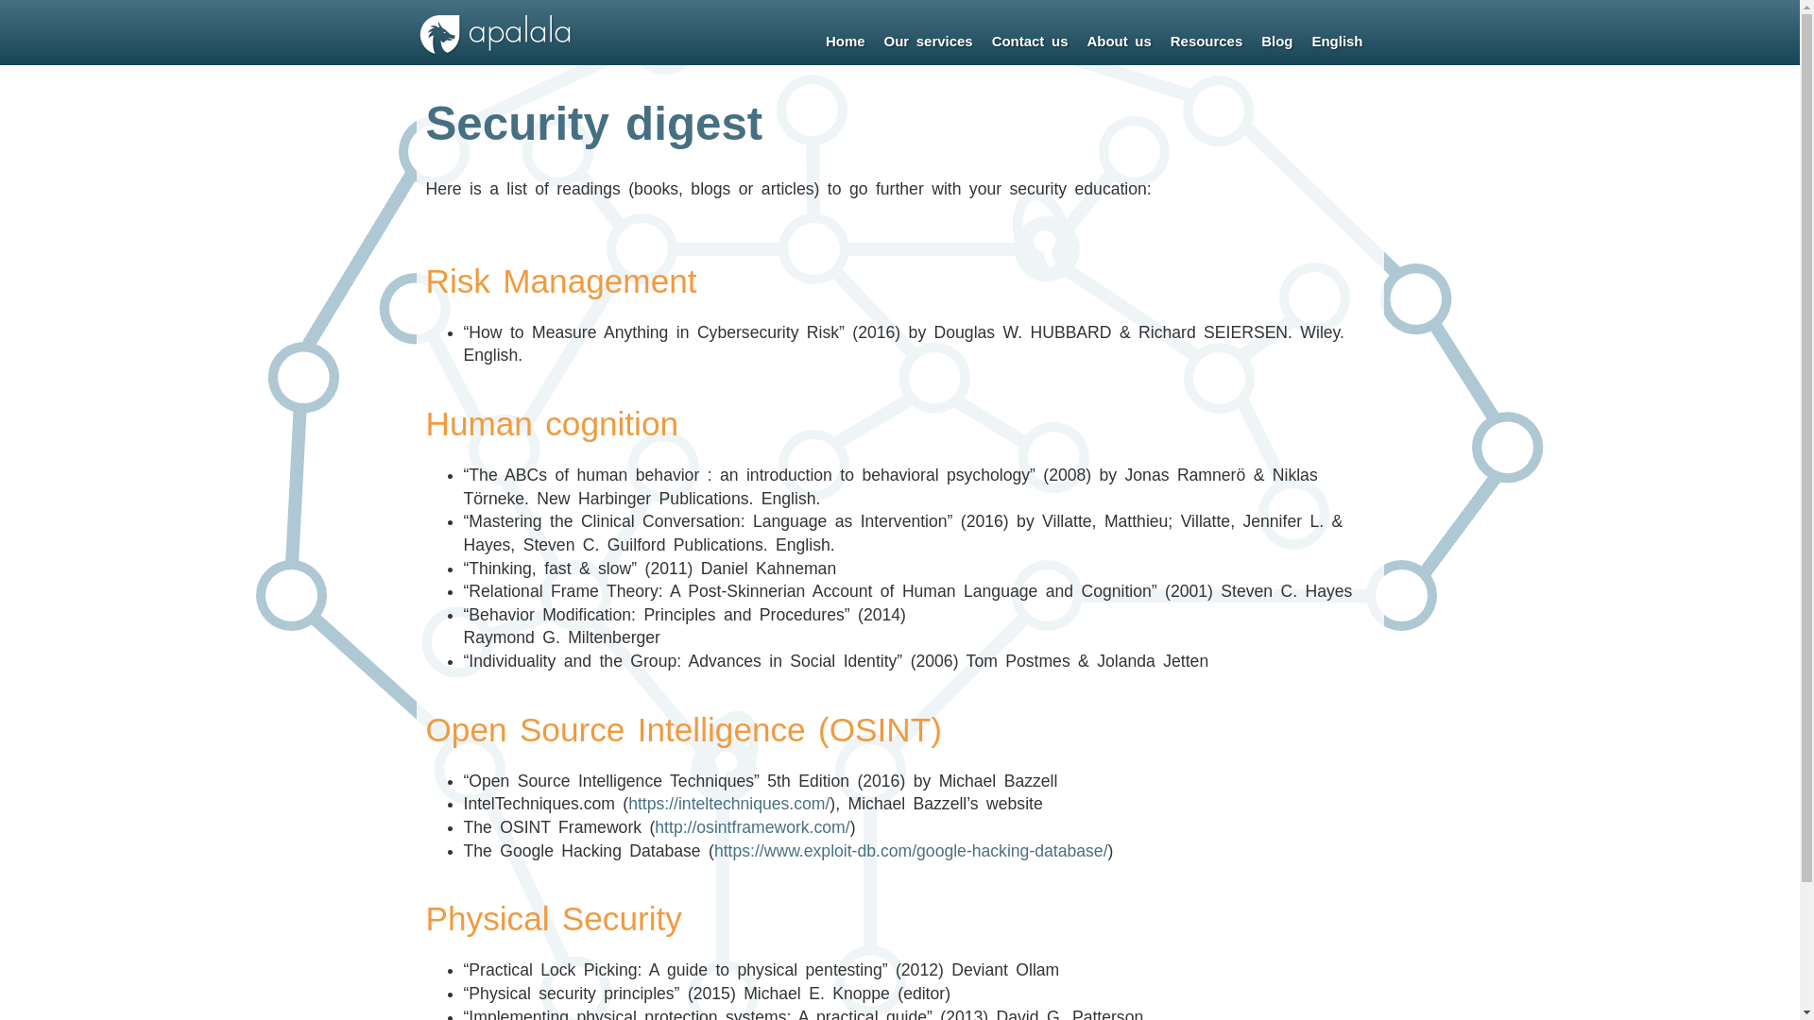  What do you see at coordinates (1276, 42) in the screenshot?
I see `'Blog'` at bounding box center [1276, 42].